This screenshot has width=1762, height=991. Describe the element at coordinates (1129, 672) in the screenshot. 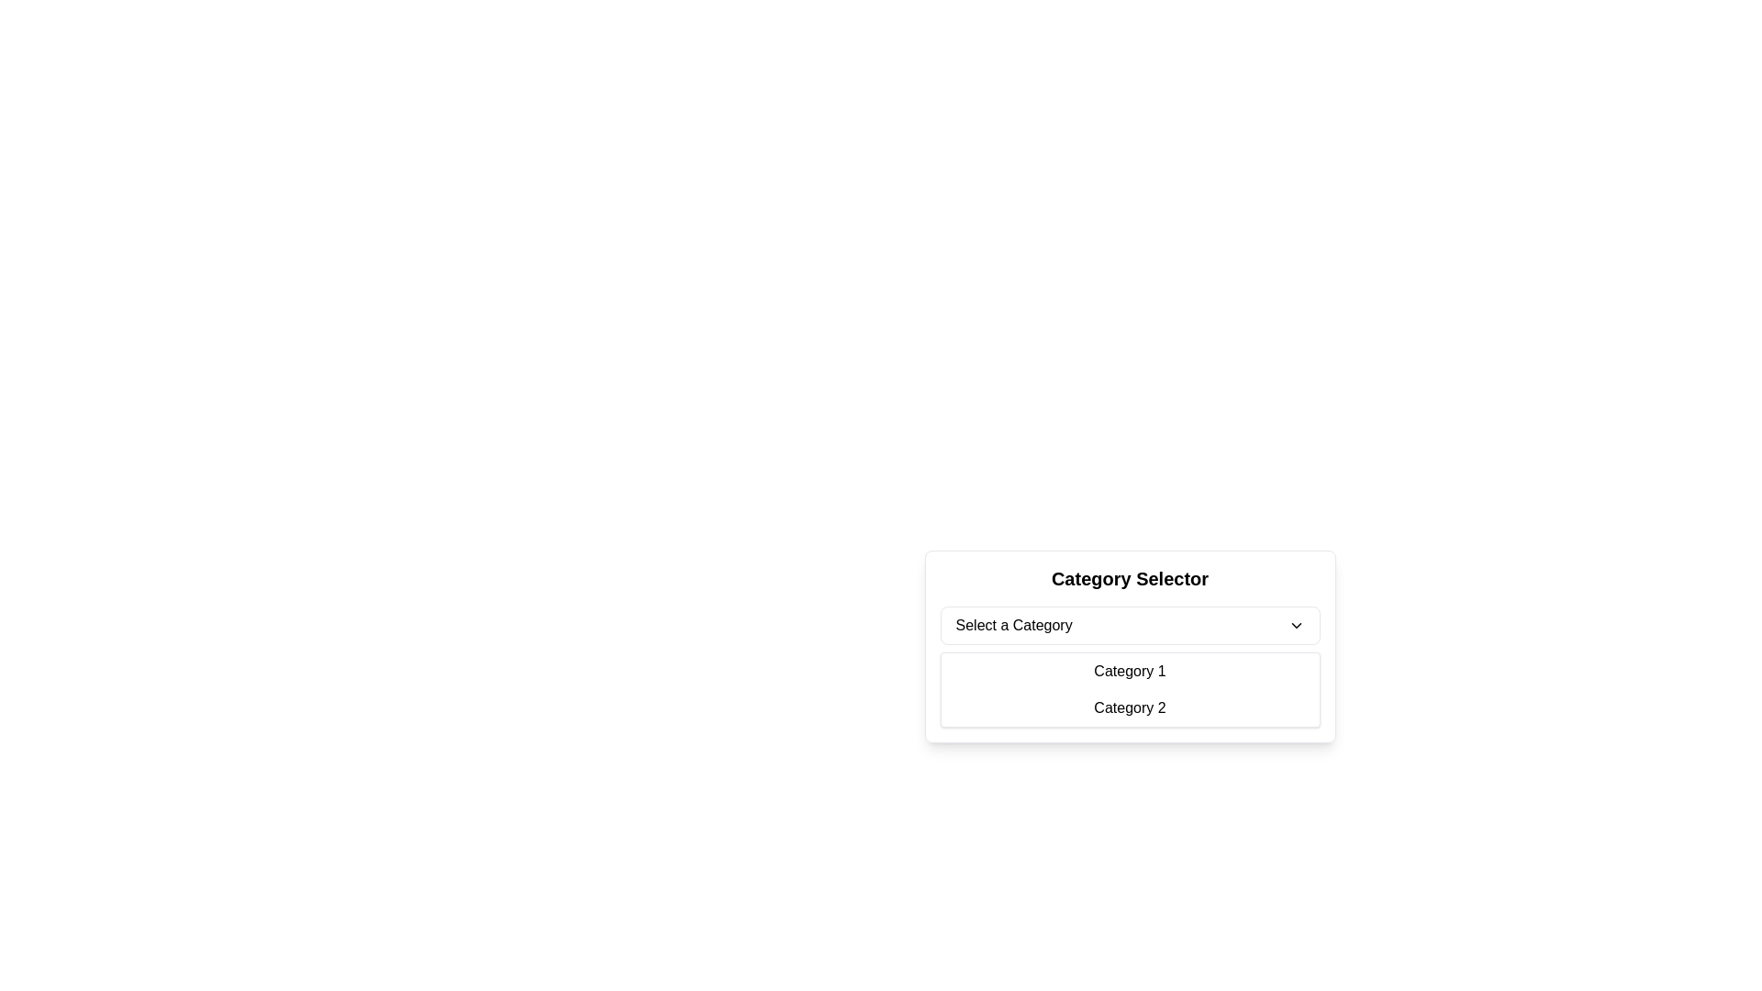

I see `the first selectable item in the dropdown menu` at that location.